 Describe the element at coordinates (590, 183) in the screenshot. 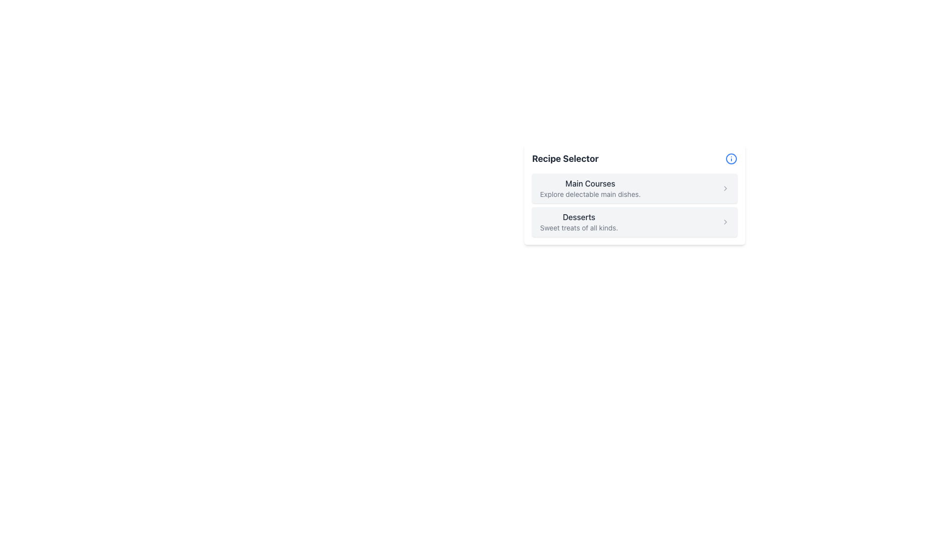

I see `the text label element reading 'Main Courses', styled with a medium-weight font and grayish-black color, located at the top of the section above the description 'Explore delectable main dishes'` at that location.